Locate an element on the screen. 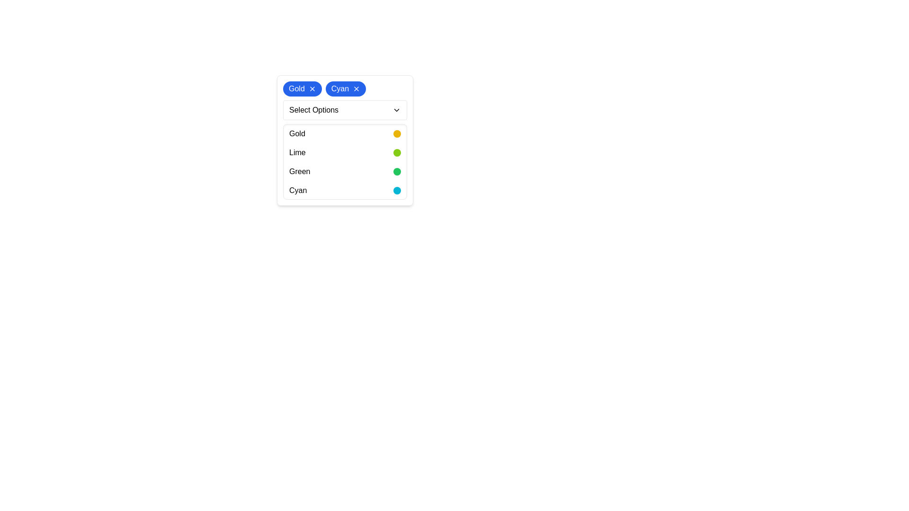 Image resolution: width=909 pixels, height=511 pixels. the 'Select Options' label which is a textual label in black font located within a bordered box, positioned to the left of a chevron-down icon is located at coordinates (313, 109).